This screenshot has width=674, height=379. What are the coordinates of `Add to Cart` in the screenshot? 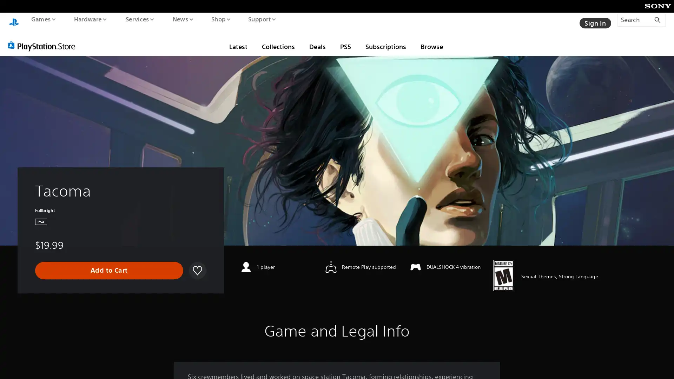 It's located at (109, 264).